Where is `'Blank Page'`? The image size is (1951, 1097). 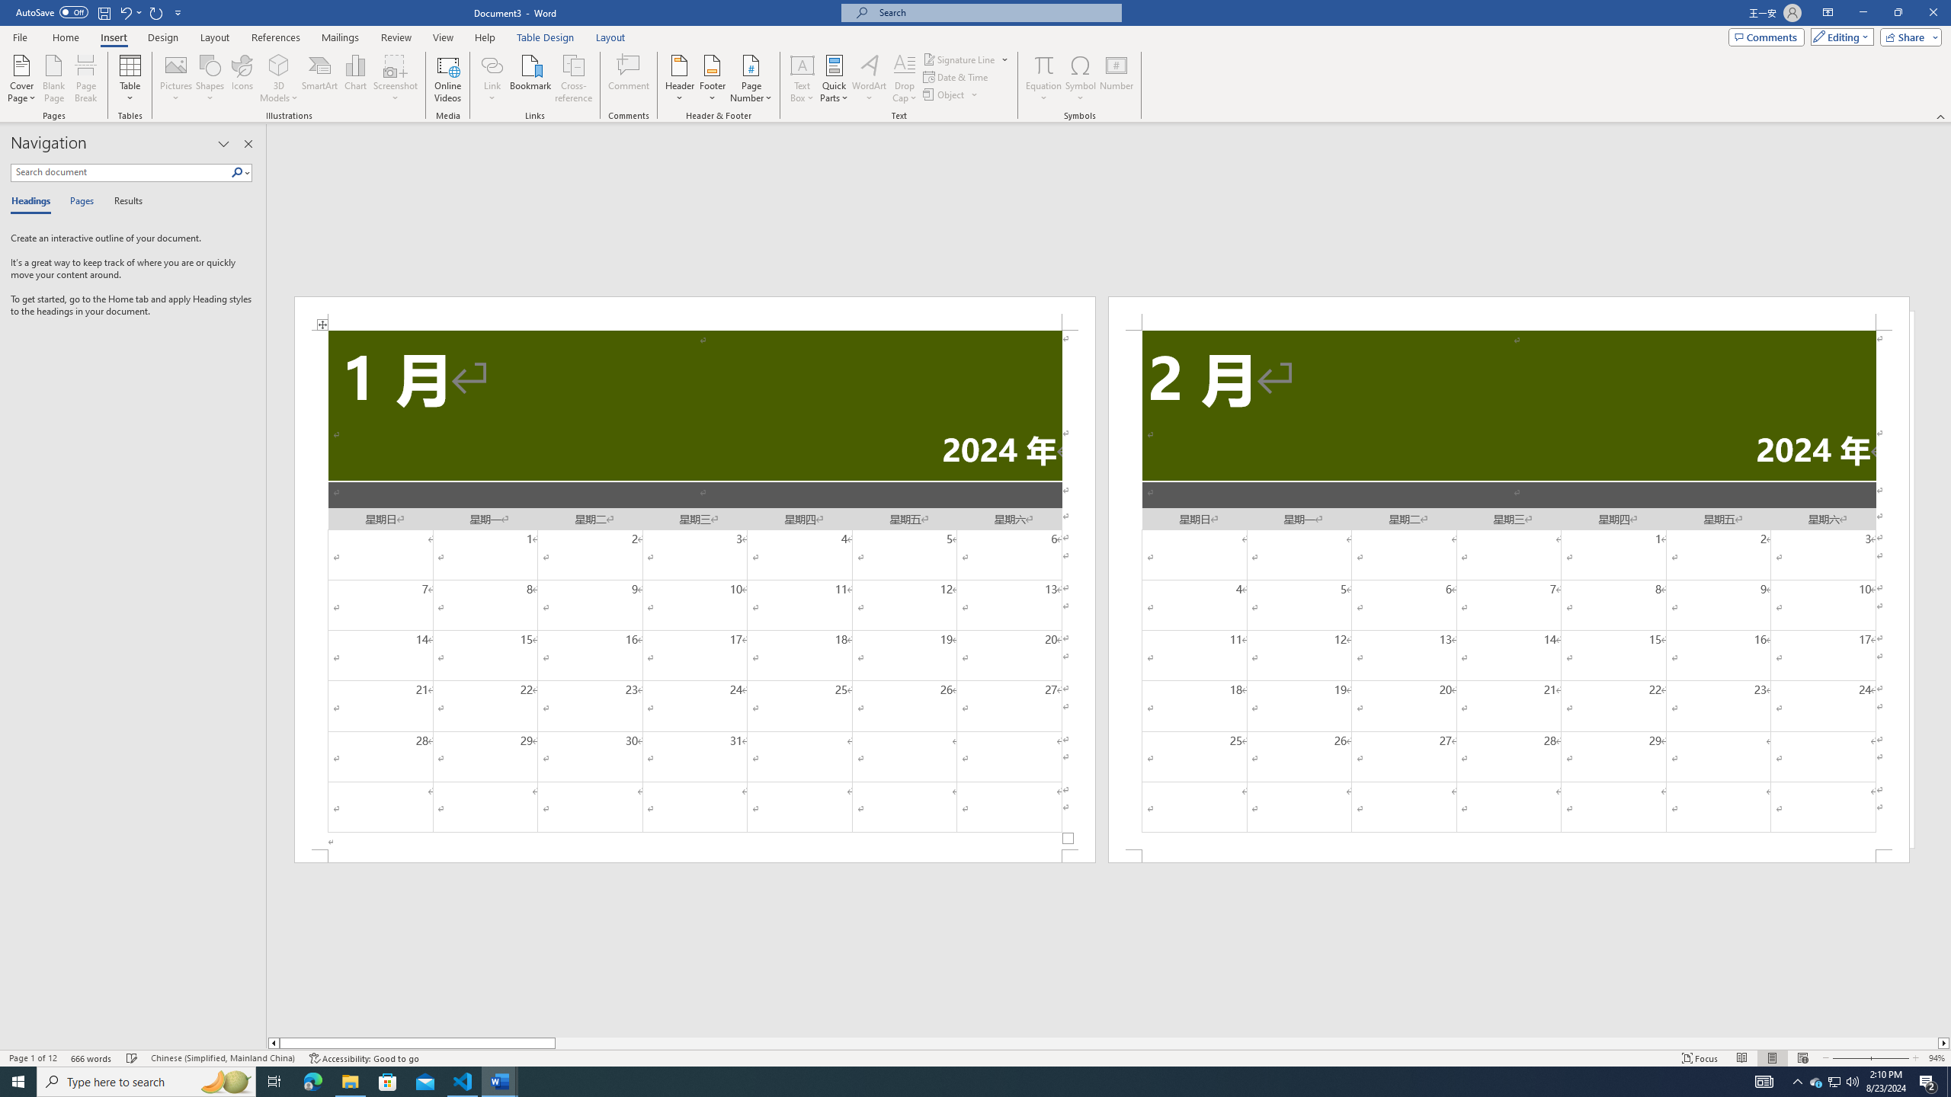
'Blank Page' is located at coordinates (53, 78).